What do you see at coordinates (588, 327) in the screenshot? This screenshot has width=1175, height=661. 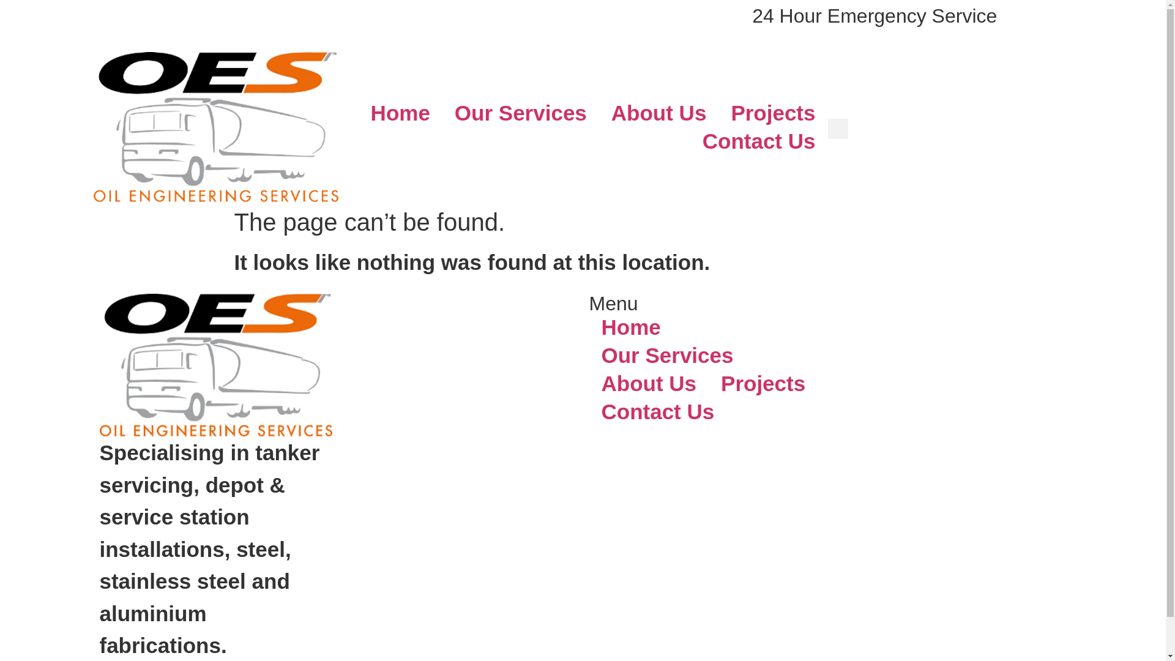 I see `'Home'` at bounding box center [588, 327].